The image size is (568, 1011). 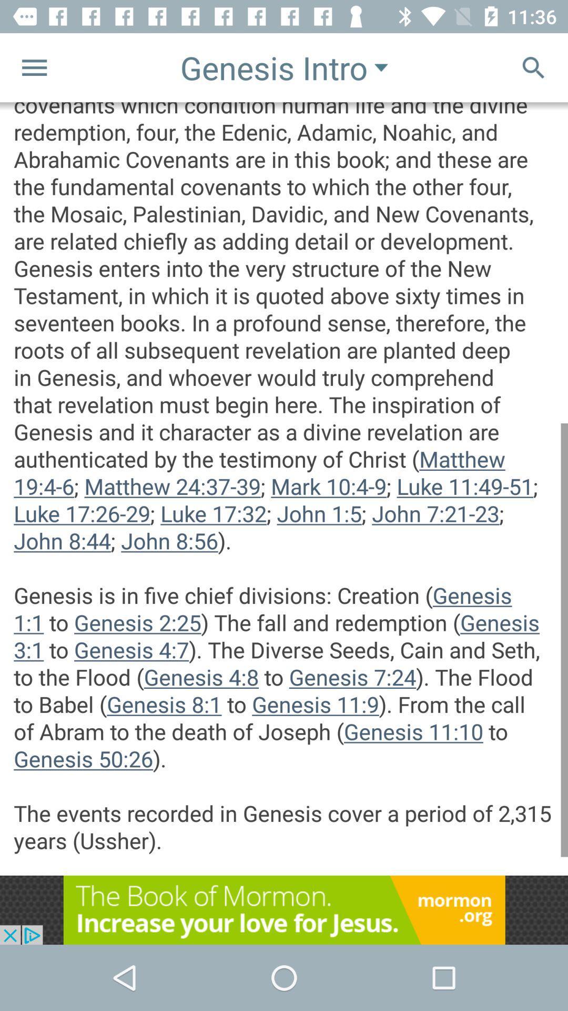 What do you see at coordinates (284, 909) in the screenshot?
I see `advertisement` at bounding box center [284, 909].